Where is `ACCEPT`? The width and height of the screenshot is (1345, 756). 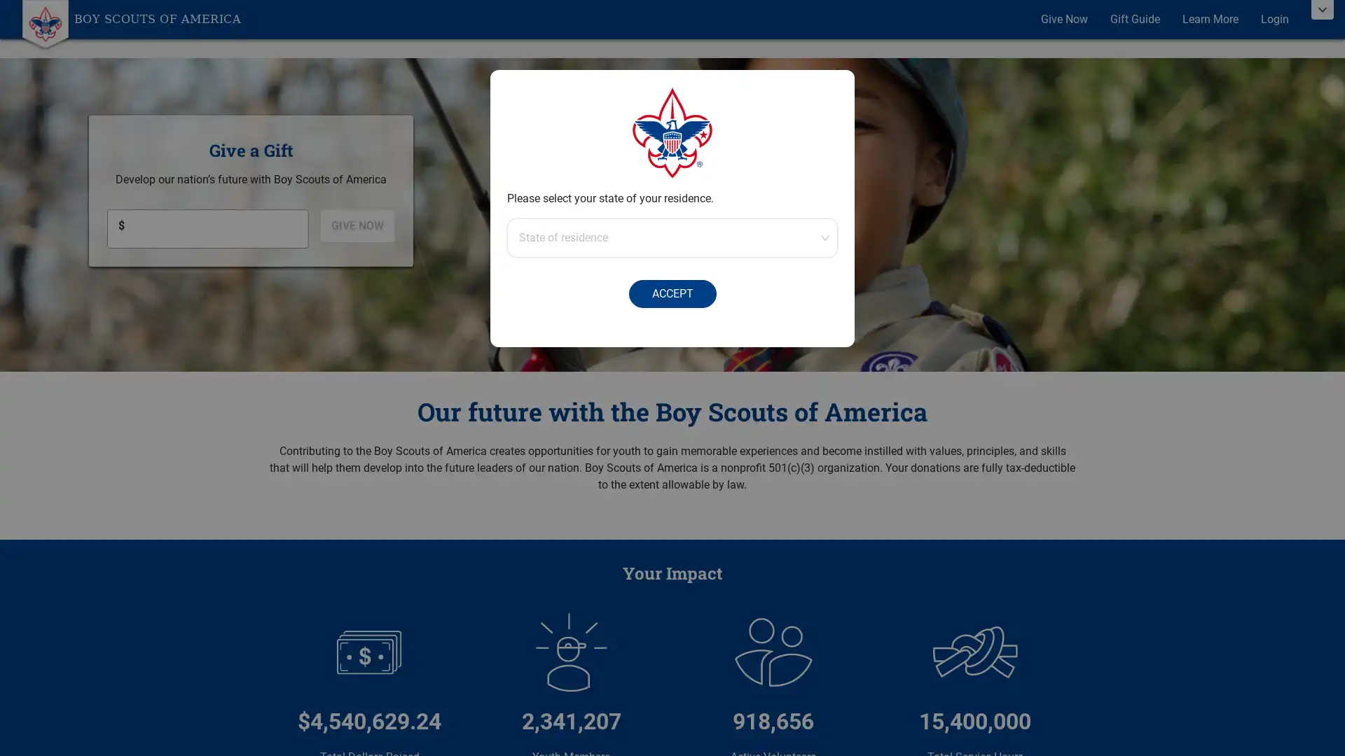 ACCEPT is located at coordinates (671, 293).